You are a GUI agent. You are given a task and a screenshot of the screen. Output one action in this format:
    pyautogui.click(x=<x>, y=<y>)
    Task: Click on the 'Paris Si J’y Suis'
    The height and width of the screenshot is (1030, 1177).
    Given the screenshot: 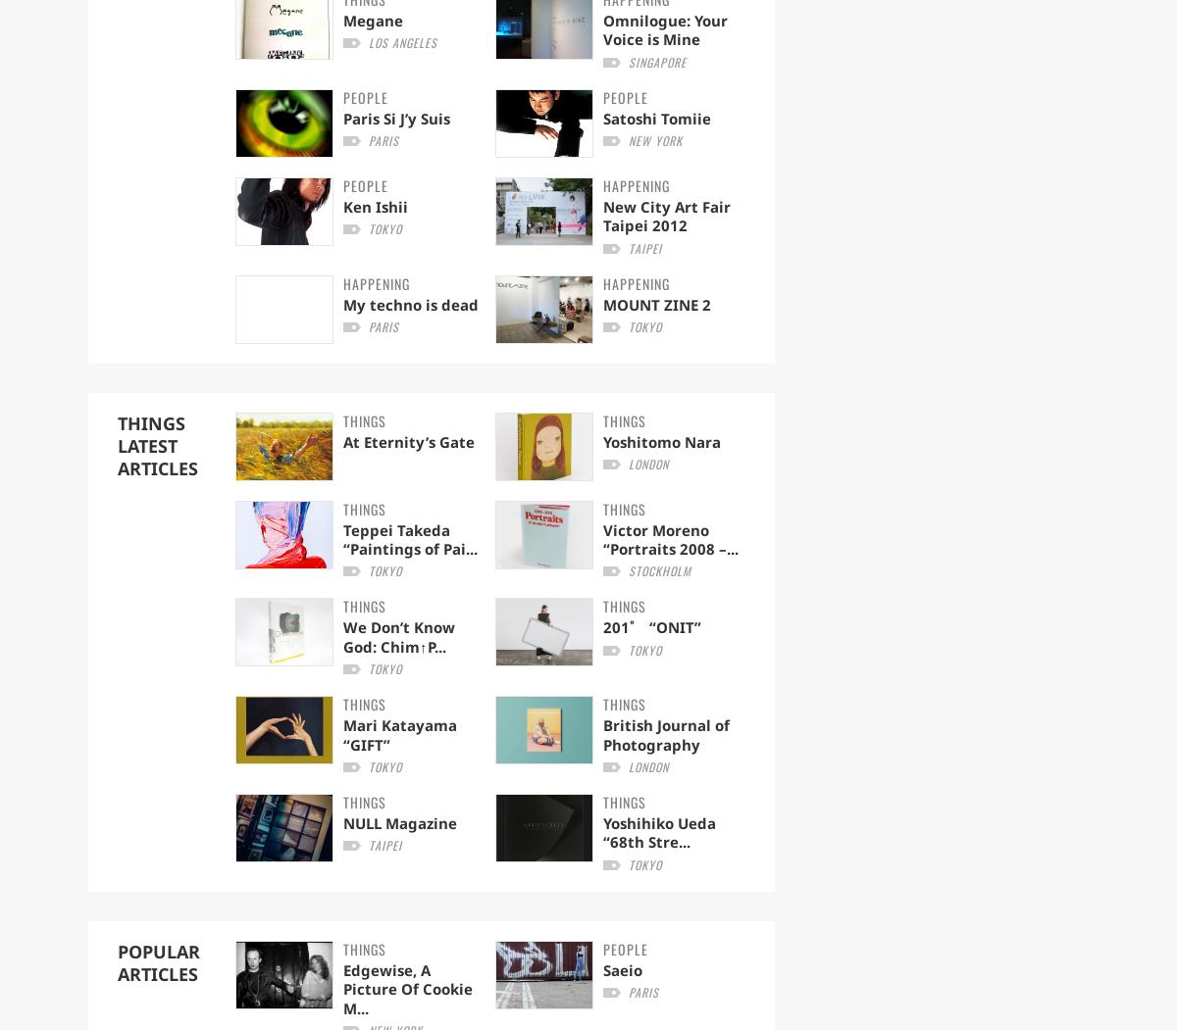 What is the action you would take?
    pyautogui.click(x=396, y=118)
    